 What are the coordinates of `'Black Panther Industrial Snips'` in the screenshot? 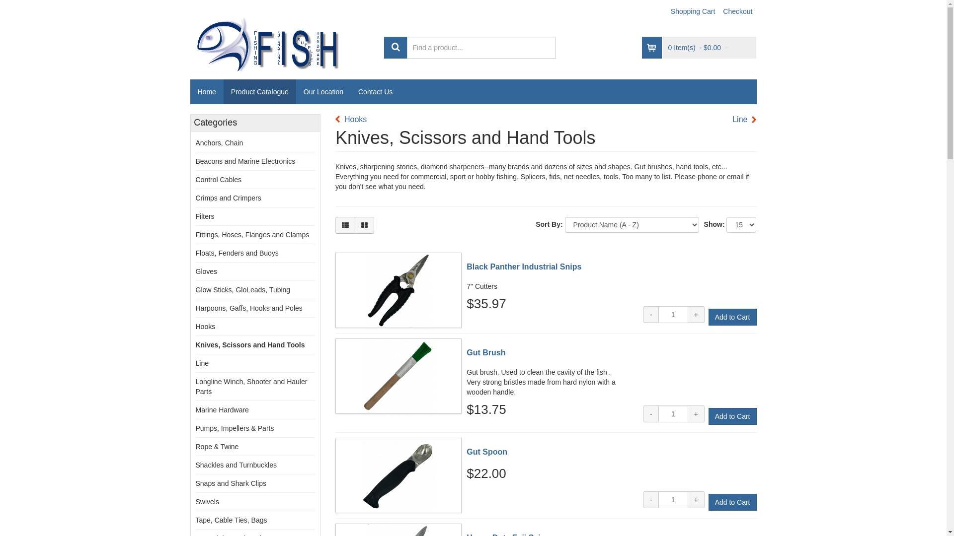 It's located at (523, 266).